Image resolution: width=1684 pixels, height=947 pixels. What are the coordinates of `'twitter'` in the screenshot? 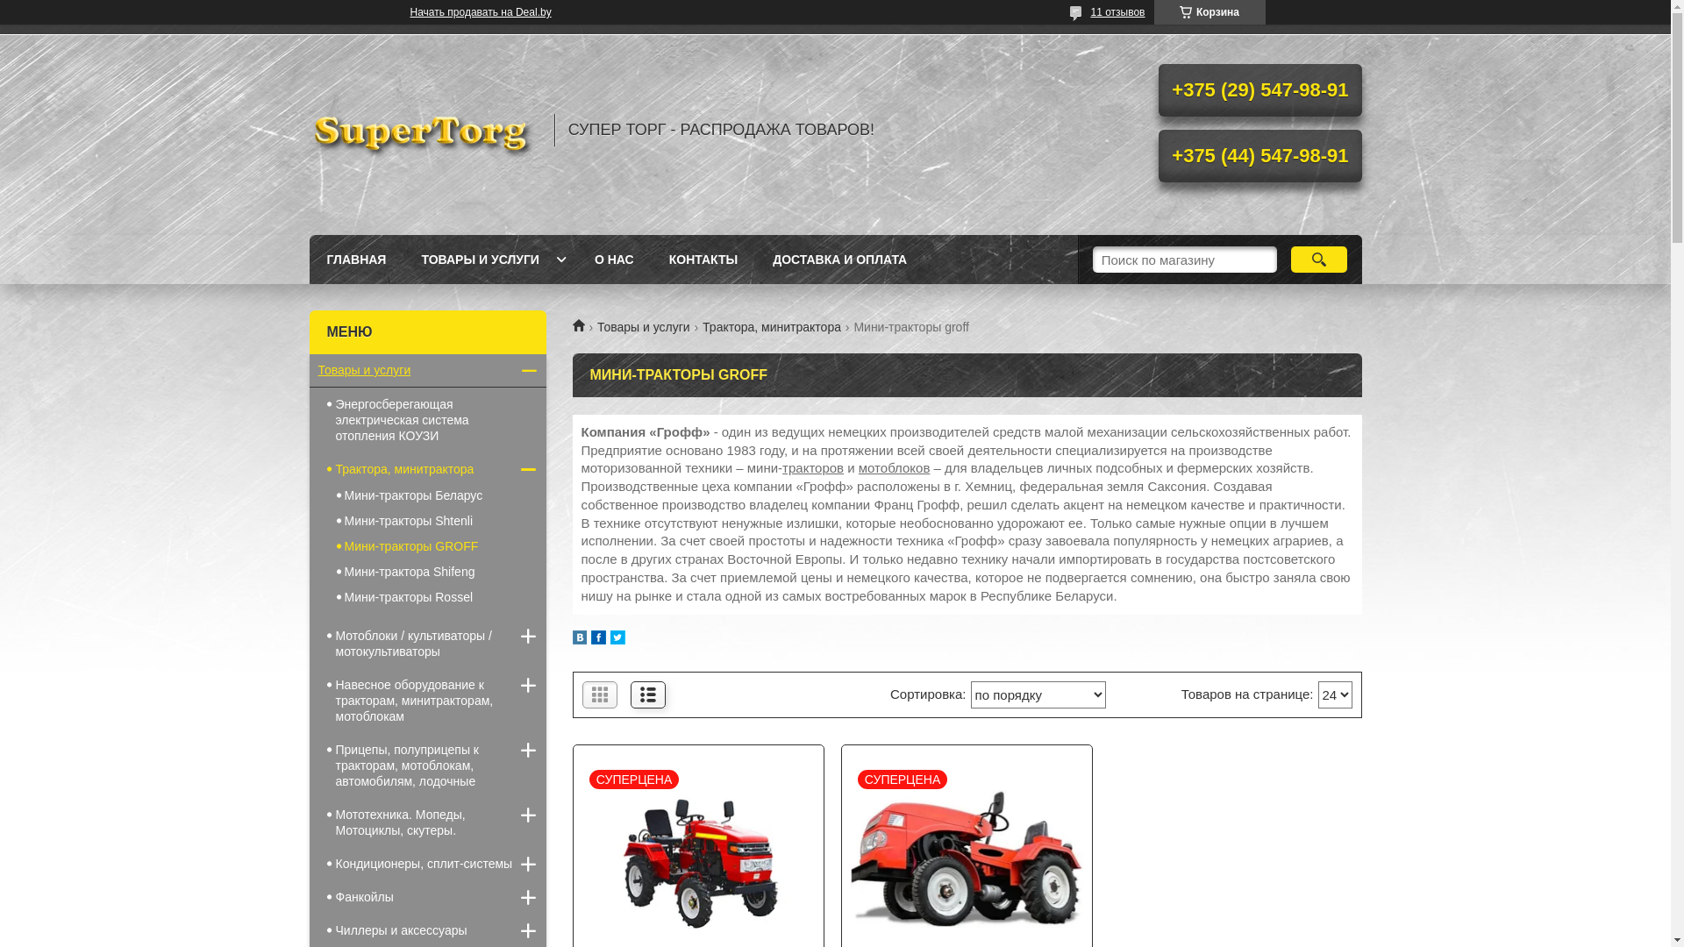 It's located at (610, 639).